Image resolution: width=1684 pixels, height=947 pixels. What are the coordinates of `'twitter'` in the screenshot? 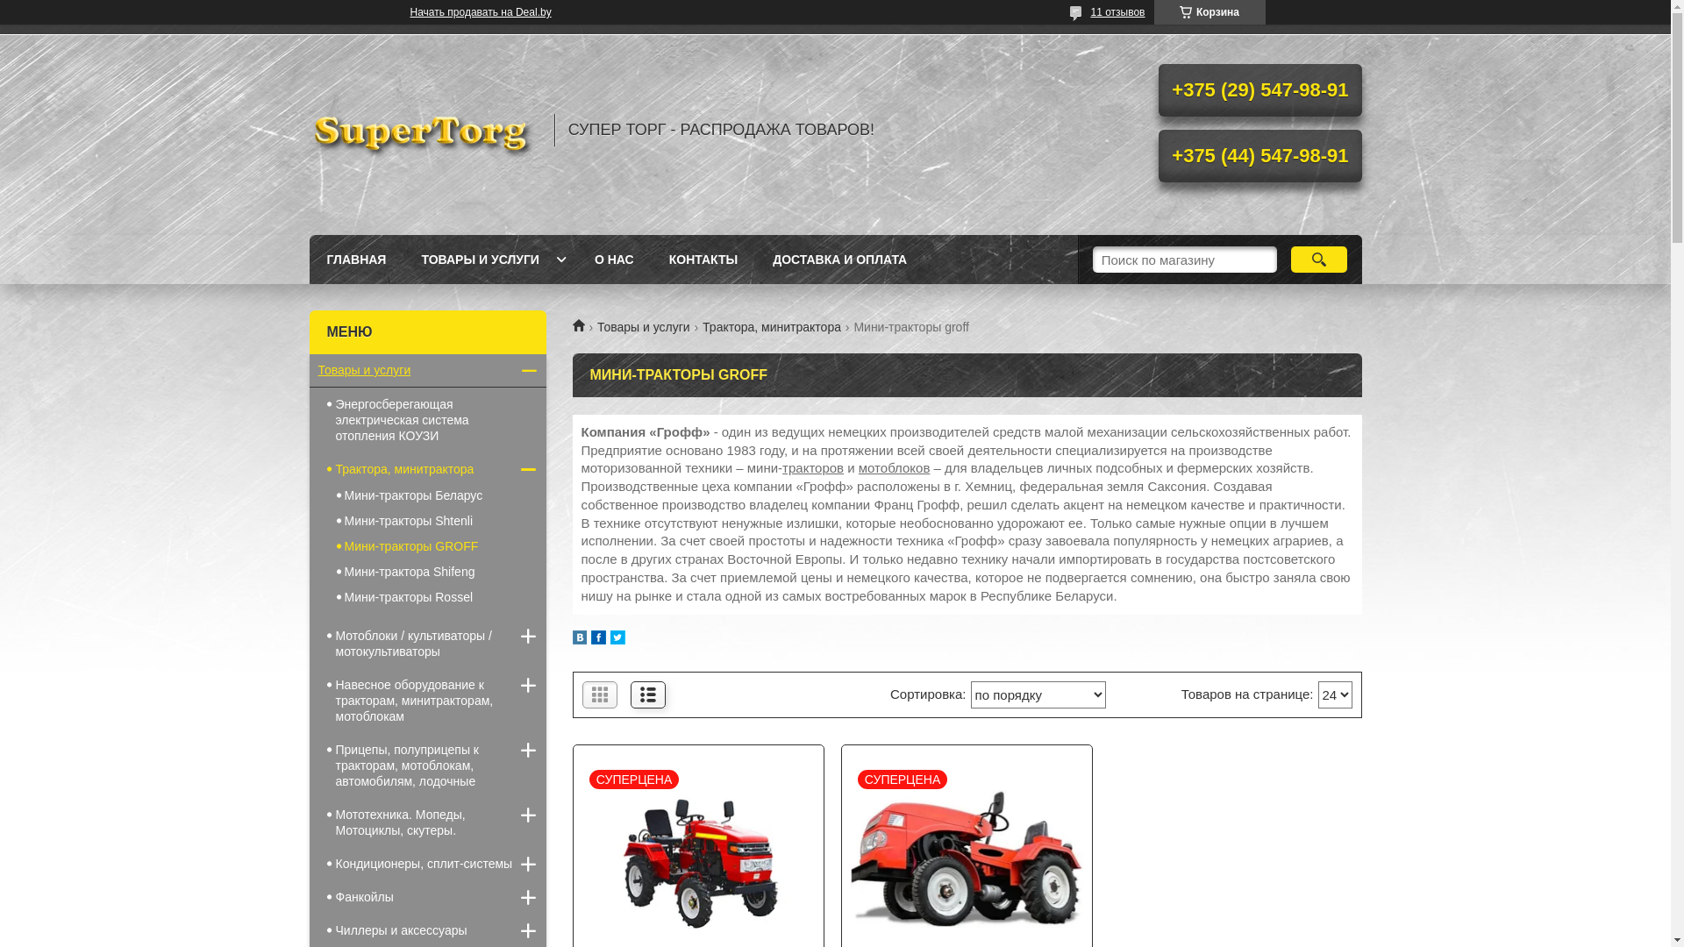 It's located at (610, 639).